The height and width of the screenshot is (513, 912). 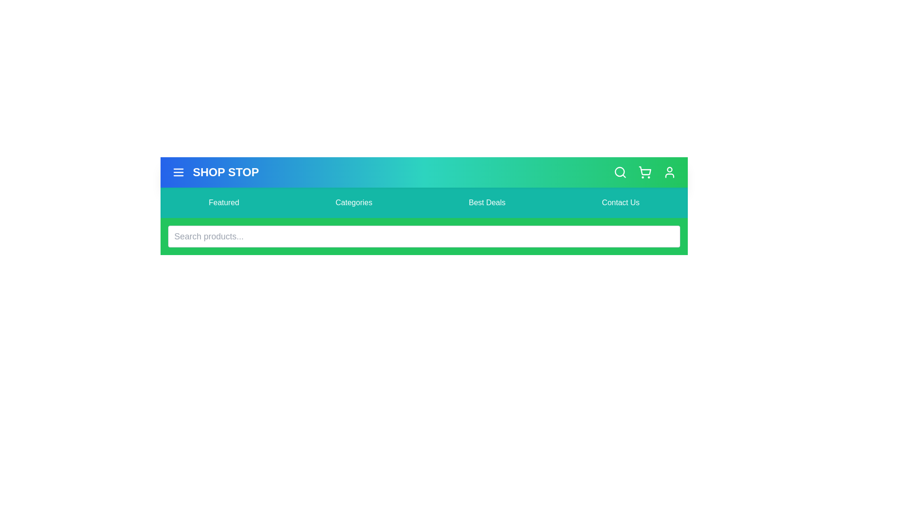 What do you see at coordinates (669, 172) in the screenshot?
I see `the user profile icon` at bounding box center [669, 172].